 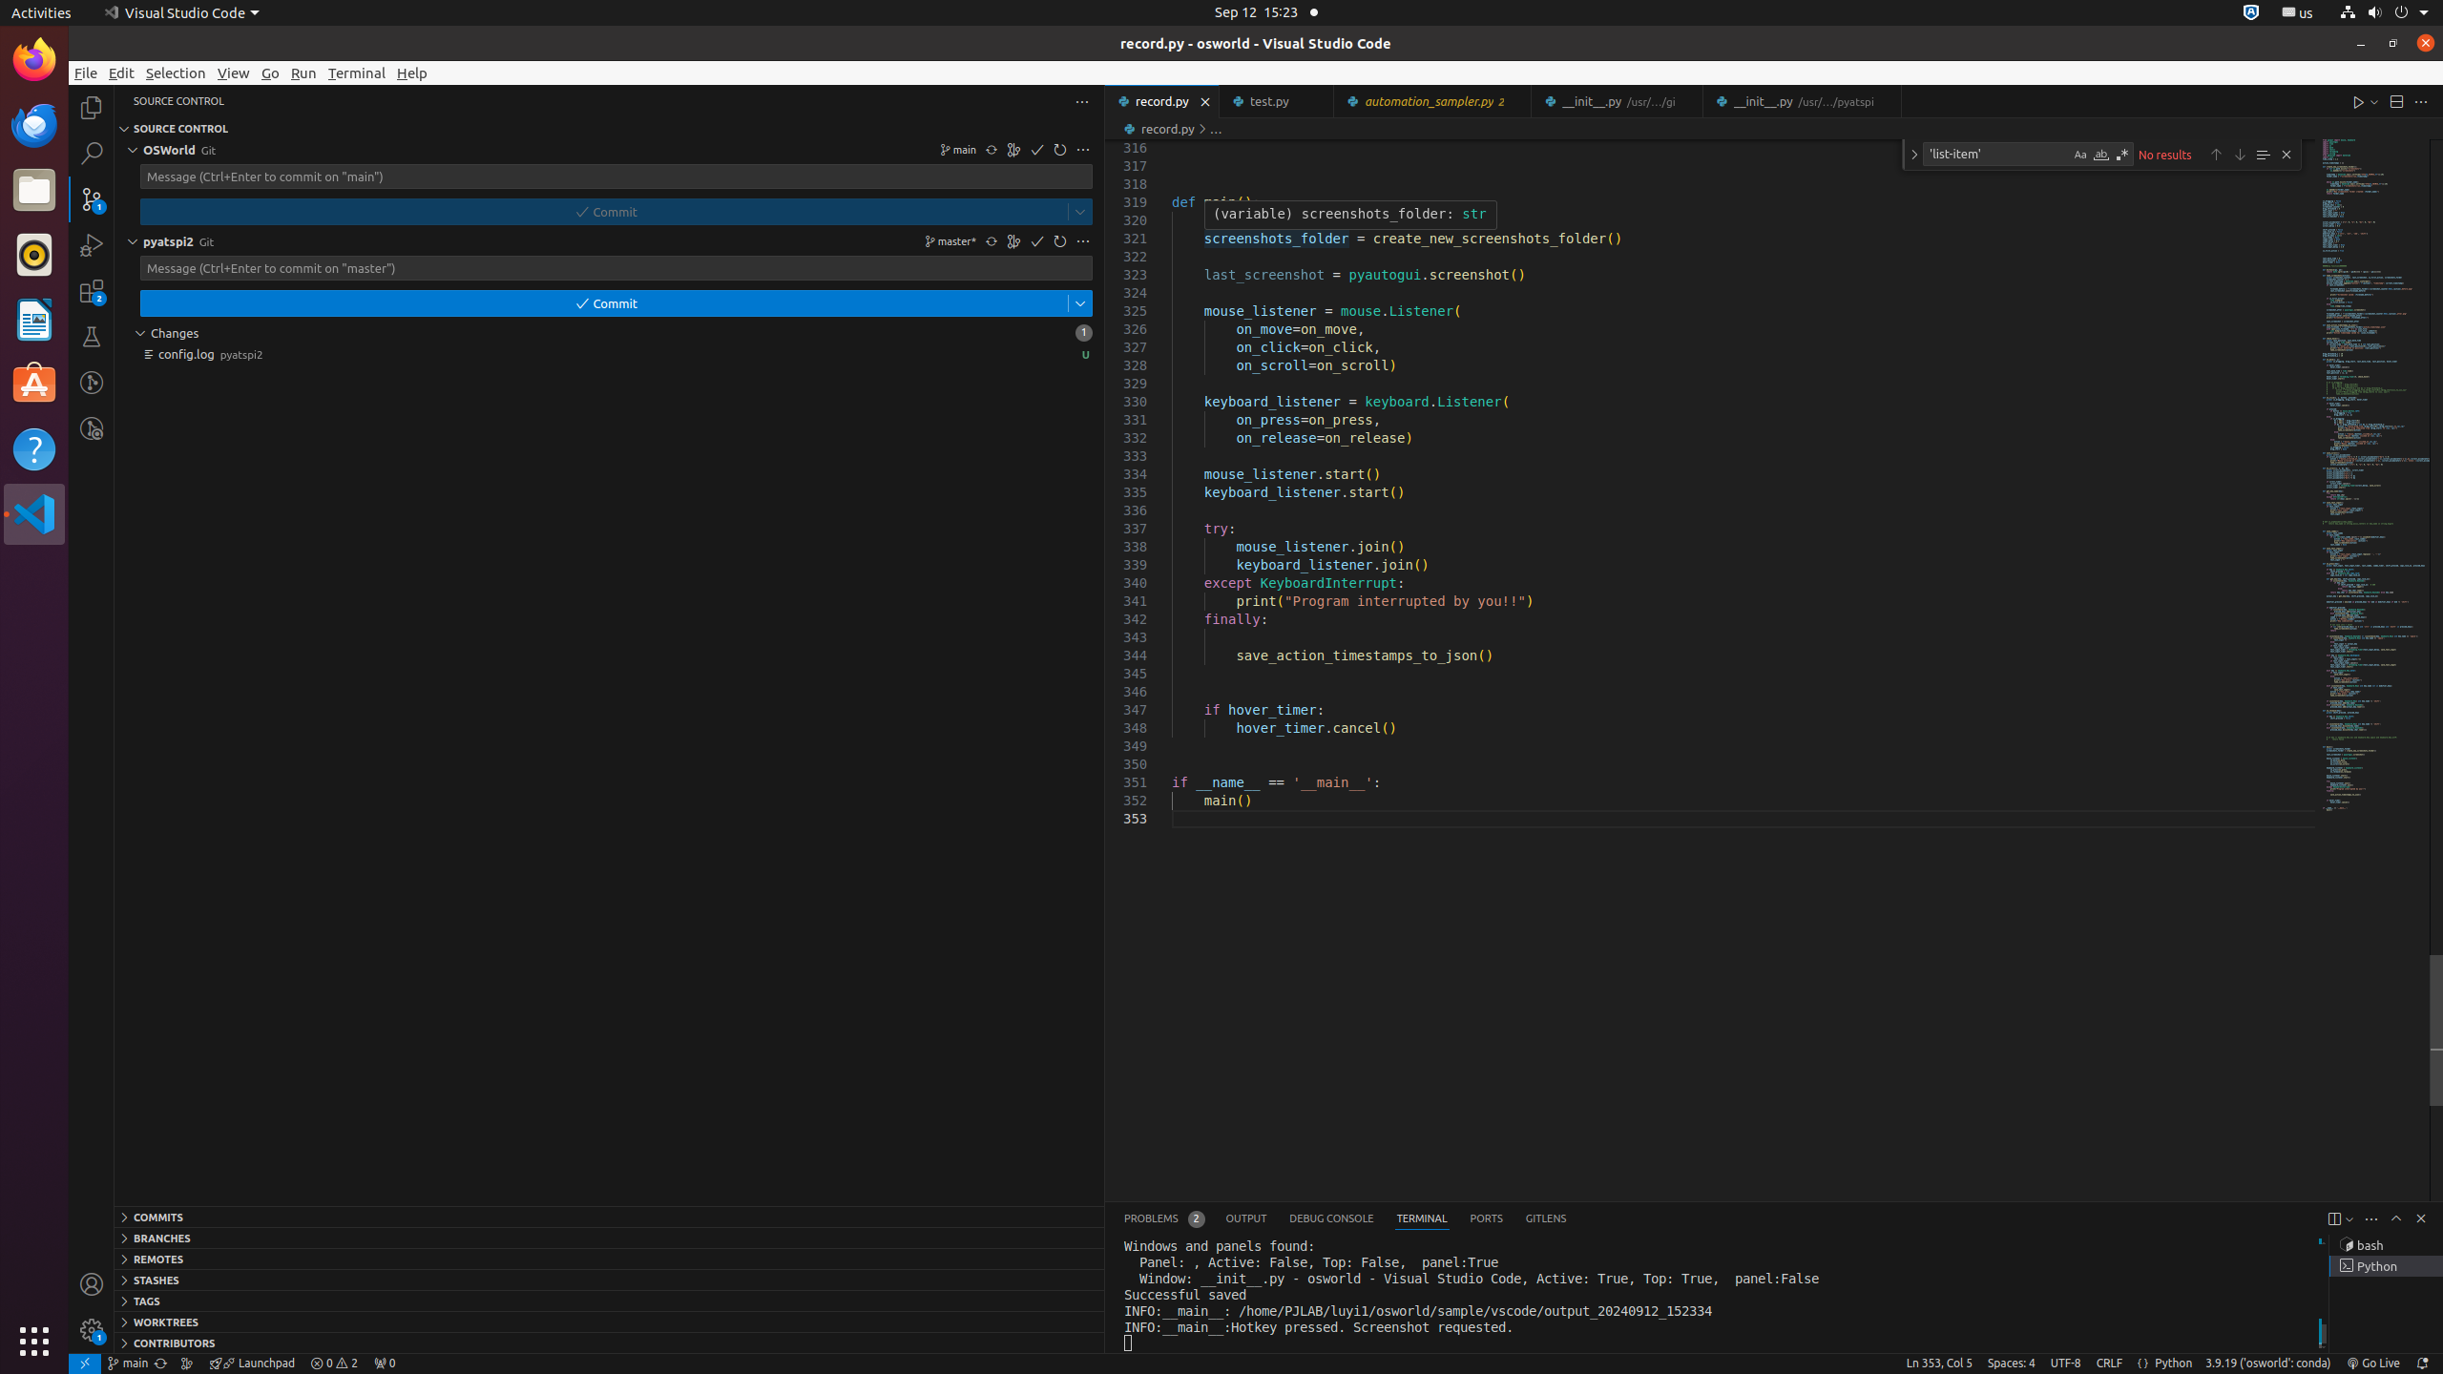 What do you see at coordinates (949, 240) in the screenshot?
I see `'master*, Checkout Branch/Tag...'` at bounding box center [949, 240].